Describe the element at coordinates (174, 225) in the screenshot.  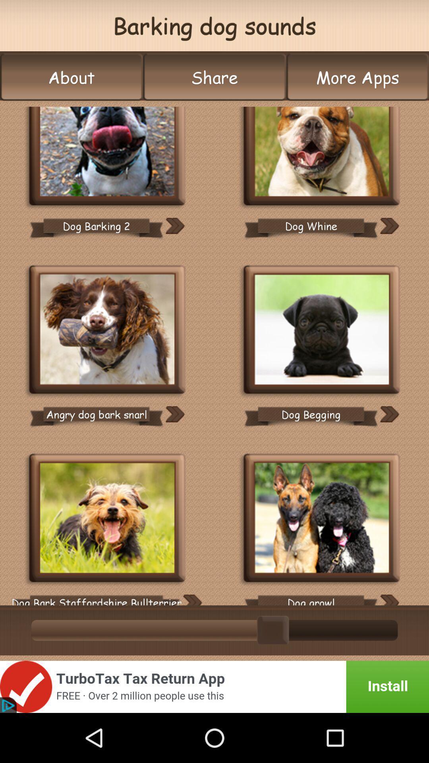
I see `more information` at that location.